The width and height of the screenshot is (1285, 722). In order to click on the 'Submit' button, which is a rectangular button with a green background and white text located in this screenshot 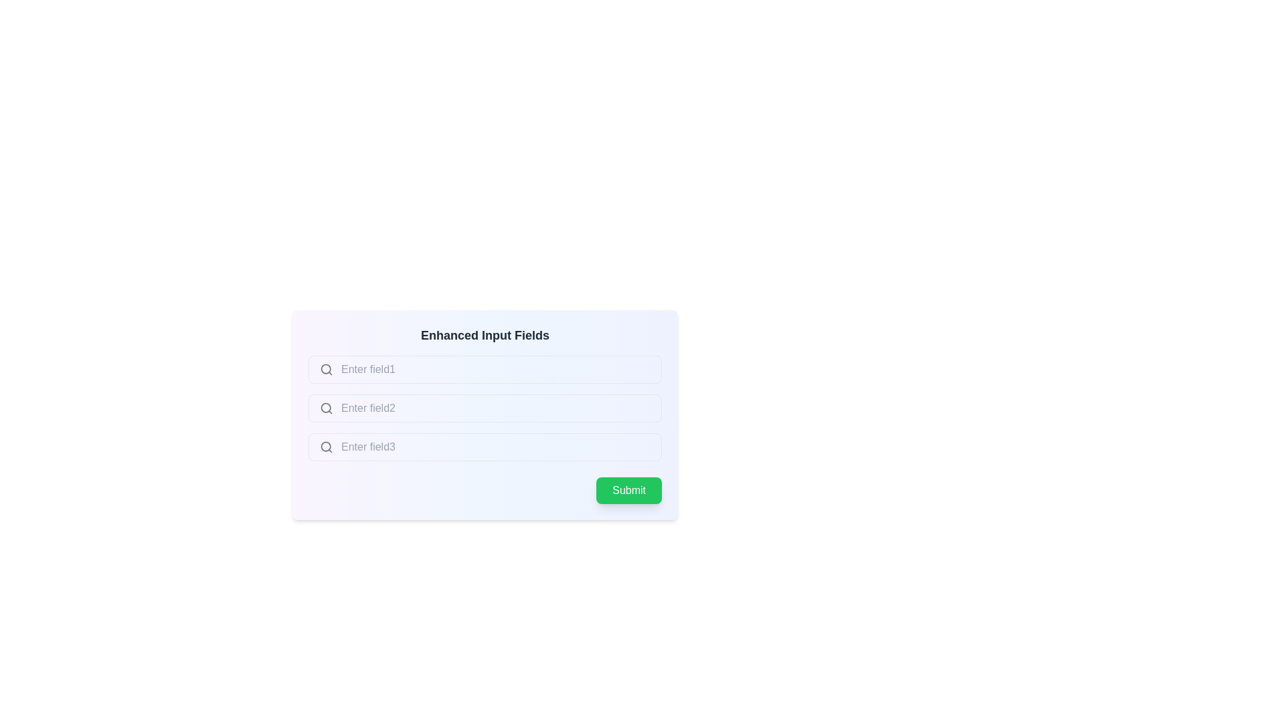, I will do `click(628, 490)`.